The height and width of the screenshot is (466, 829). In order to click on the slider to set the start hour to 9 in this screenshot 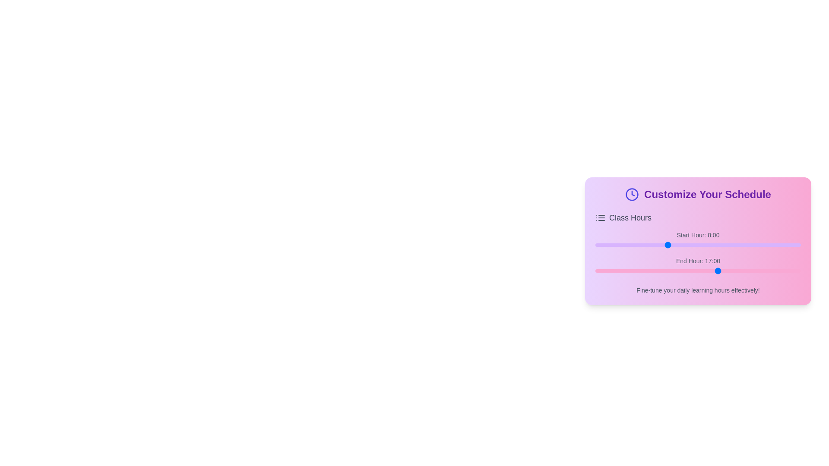, I will do `click(675, 245)`.